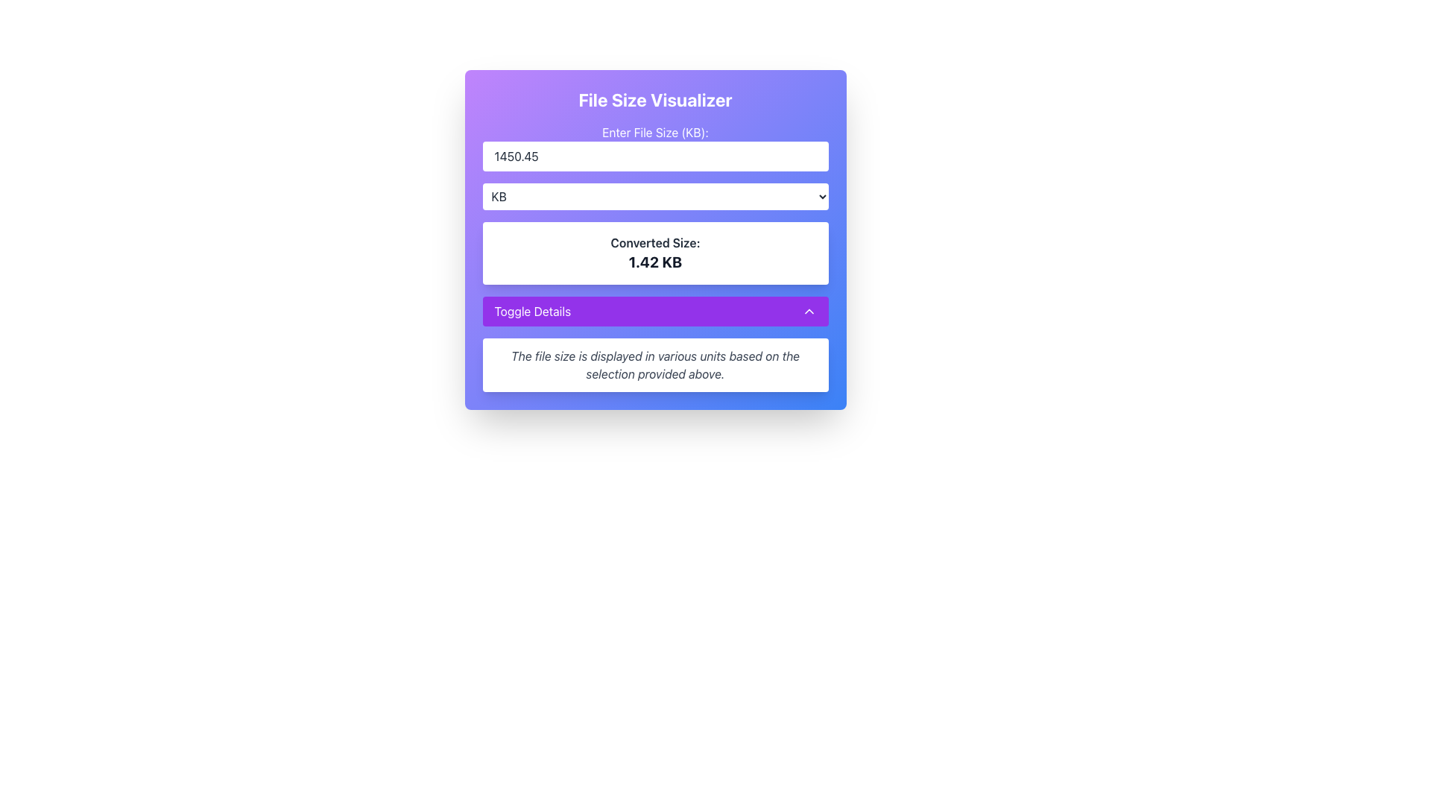 The image size is (1431, 805). I want to click on the 'Toggle Details' text label, which is displayed in white font on a purple background within the 'File Size Visualizer' interface, so click(532, 310).